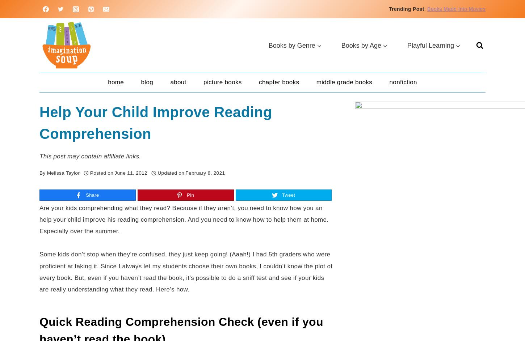 This screenshot has width=525, height=341. I want to click on 'Middle Grade Books', so click(344, 82).